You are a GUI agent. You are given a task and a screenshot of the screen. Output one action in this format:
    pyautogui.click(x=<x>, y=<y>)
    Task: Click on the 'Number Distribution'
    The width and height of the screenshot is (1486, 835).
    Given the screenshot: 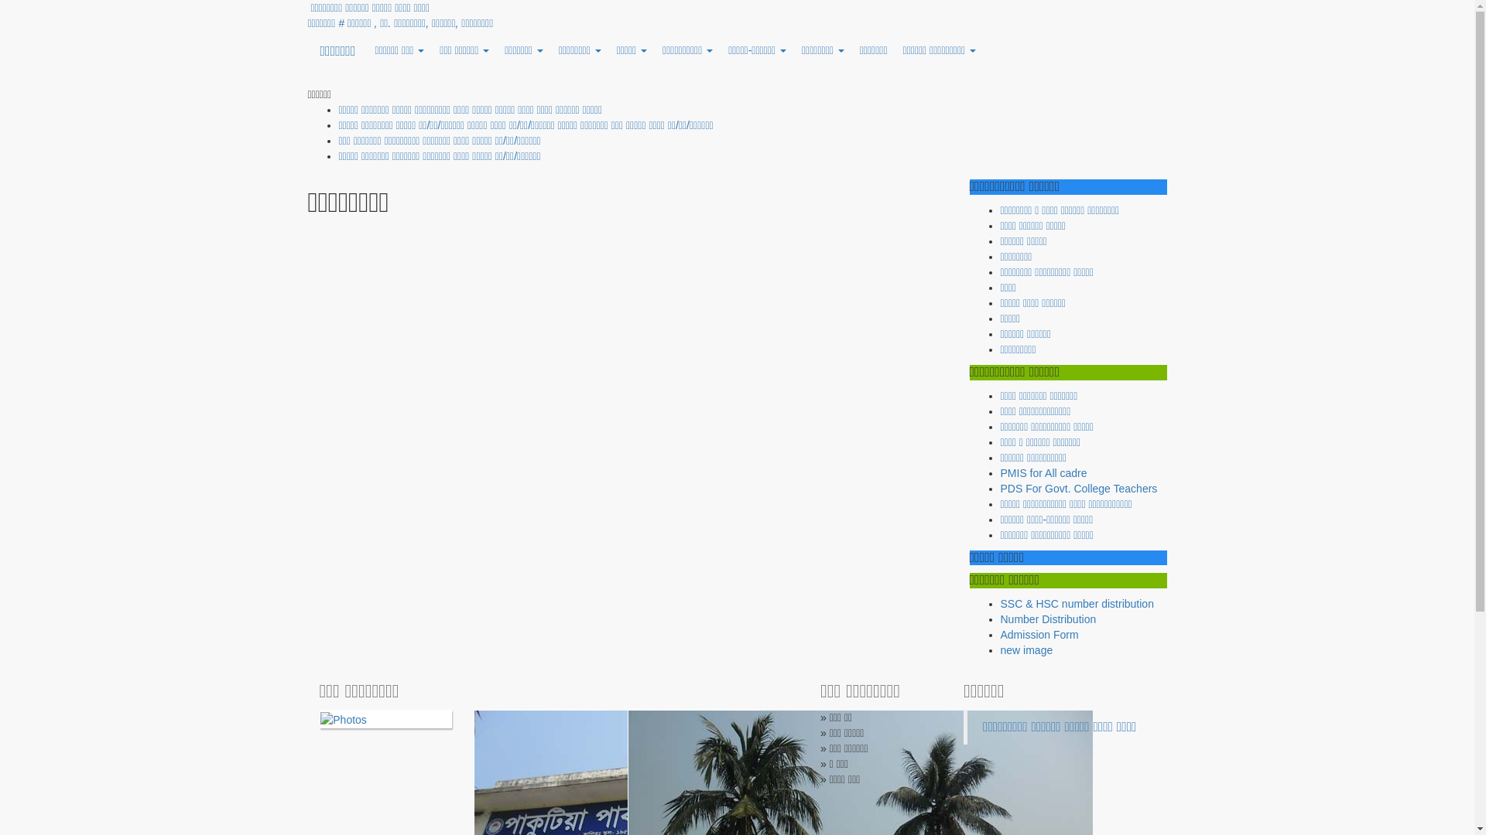 What is the action you would take?
    pyautogui.click(x=1047, y=619)
    